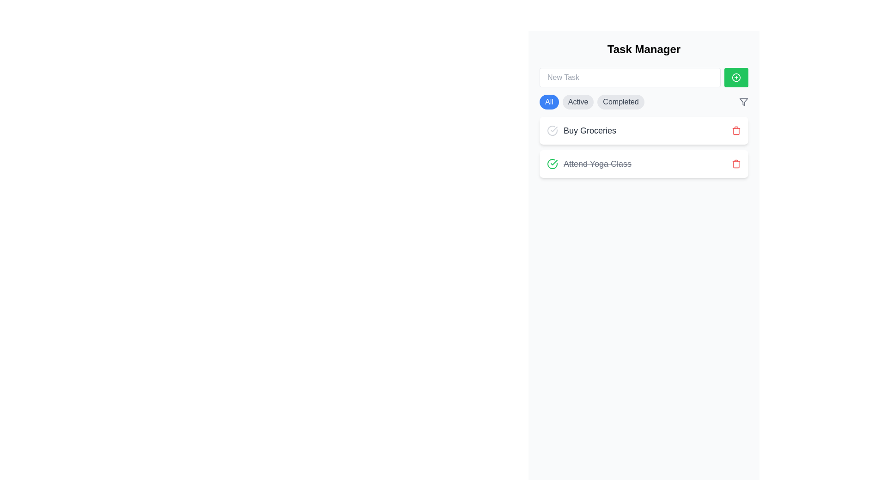 This screenshot has width=887, height=499. I want to click on the delete icon button located at the far right end of the 'Attend Yoga Class' task card, so click(735, 163).